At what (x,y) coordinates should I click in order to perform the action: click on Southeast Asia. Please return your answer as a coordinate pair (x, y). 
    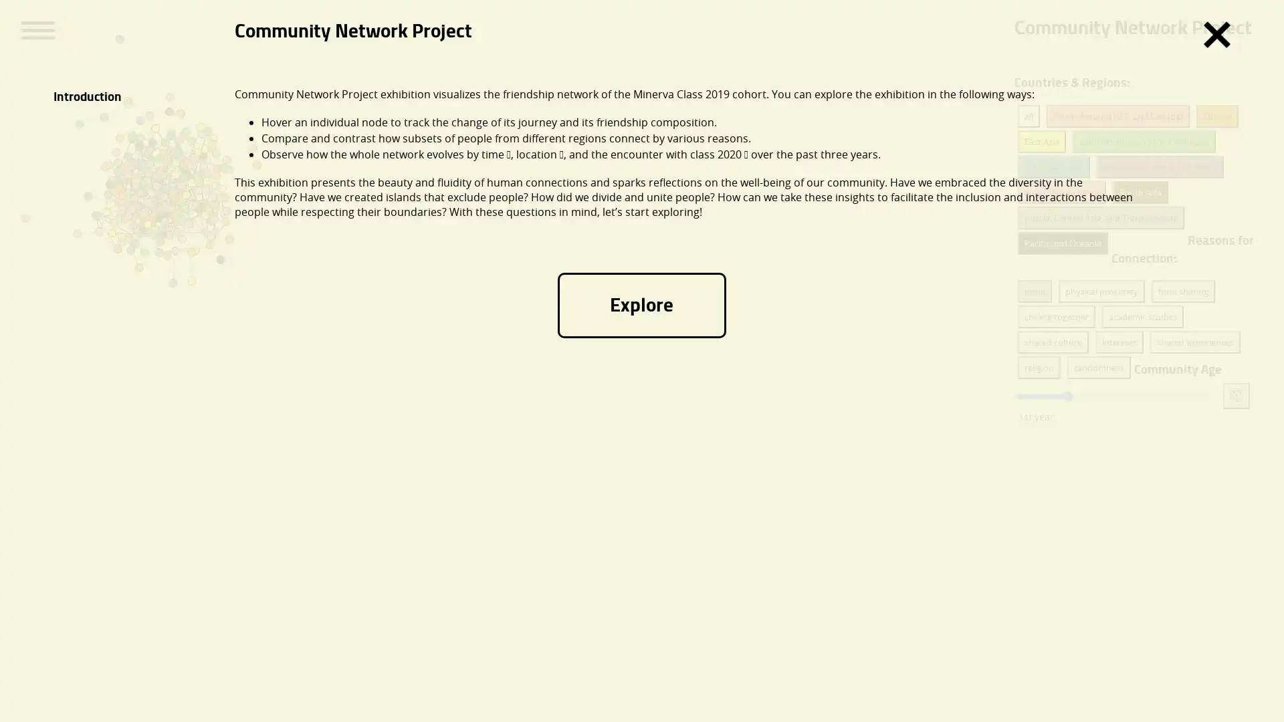
    Looking at the image, I should click on (1053, 166).